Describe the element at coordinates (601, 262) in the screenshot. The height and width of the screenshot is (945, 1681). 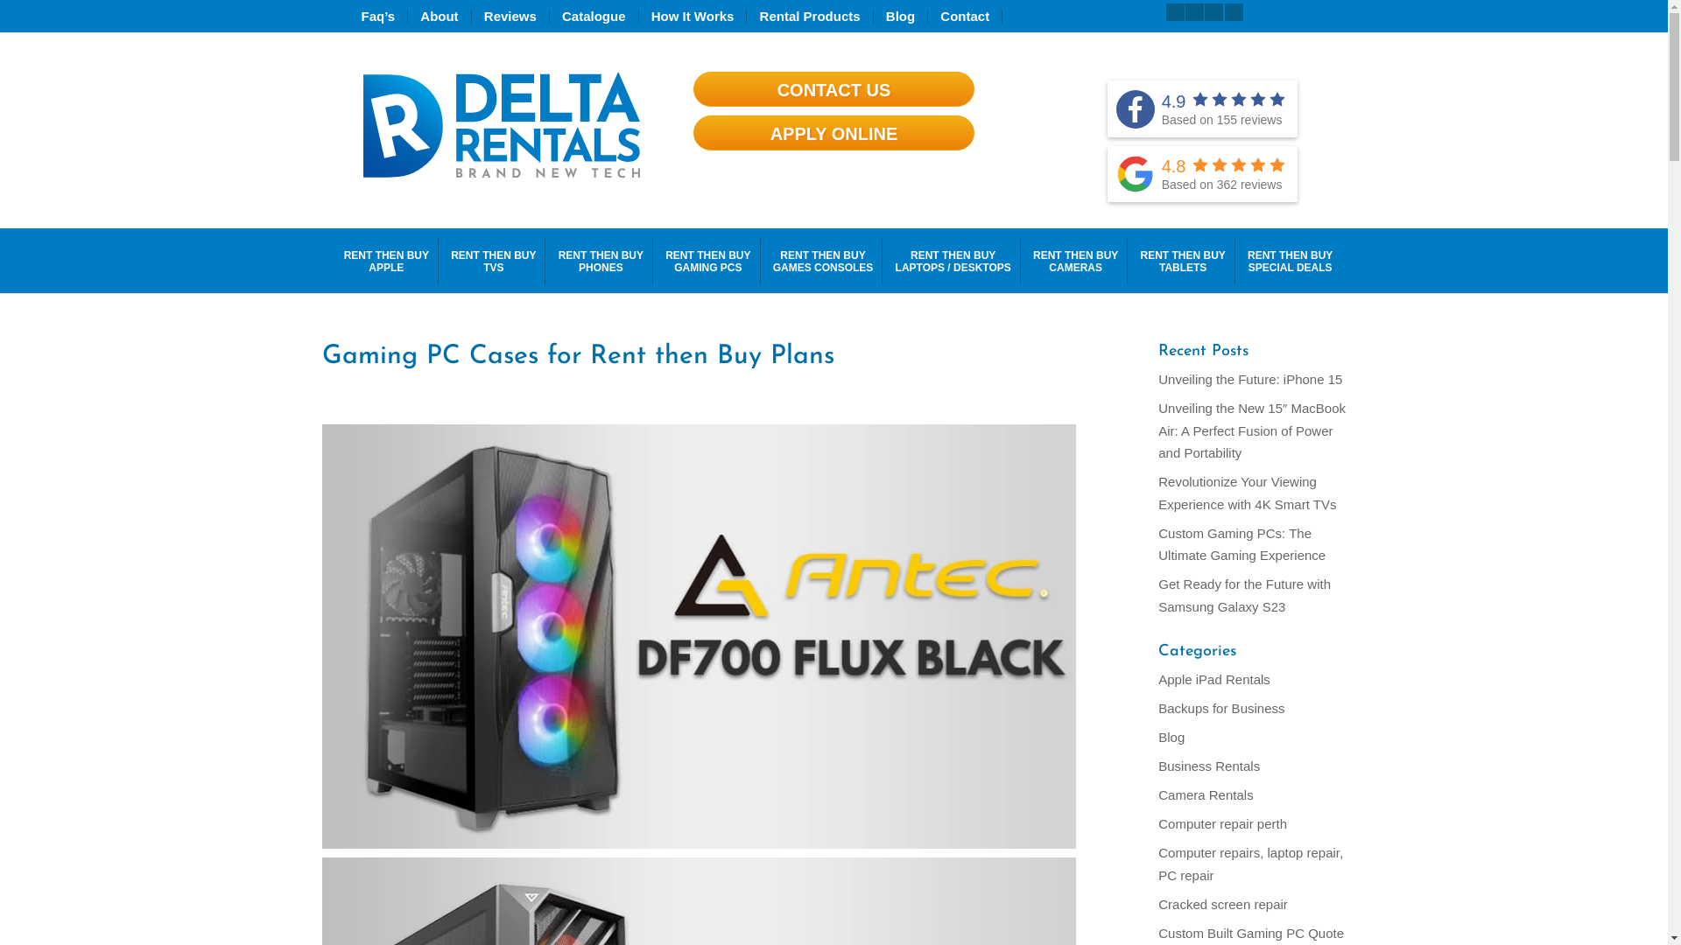
I see `'RENT THEN BUY` at that location.